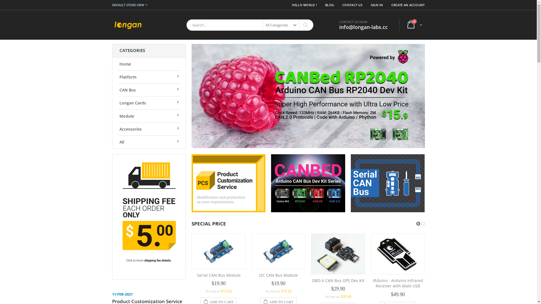 The width and height of the screenshot is (541, 304). What do you see at coordinates (117, 142) in the screenshot?
I see `'All'` at bounding box center [117, 142].